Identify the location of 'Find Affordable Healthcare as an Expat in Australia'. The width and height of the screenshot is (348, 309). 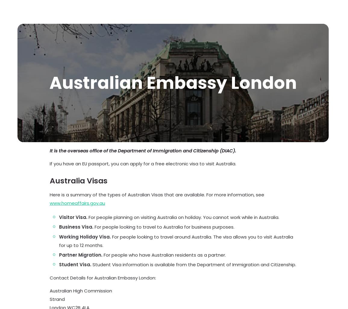
(254, 268).